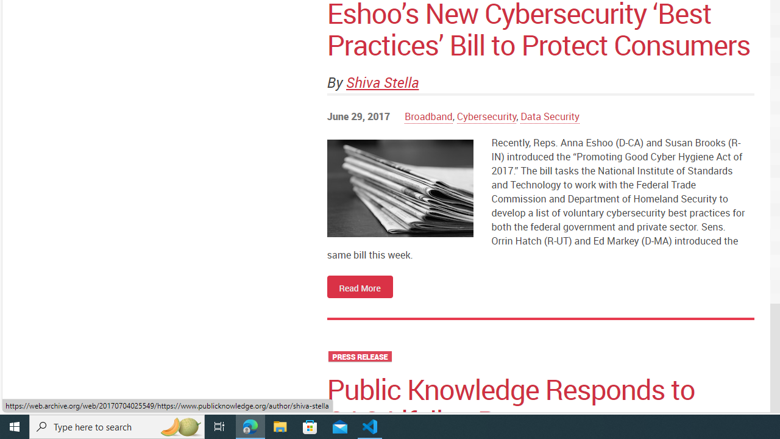  I want to click on ' img', so click(400, 188).